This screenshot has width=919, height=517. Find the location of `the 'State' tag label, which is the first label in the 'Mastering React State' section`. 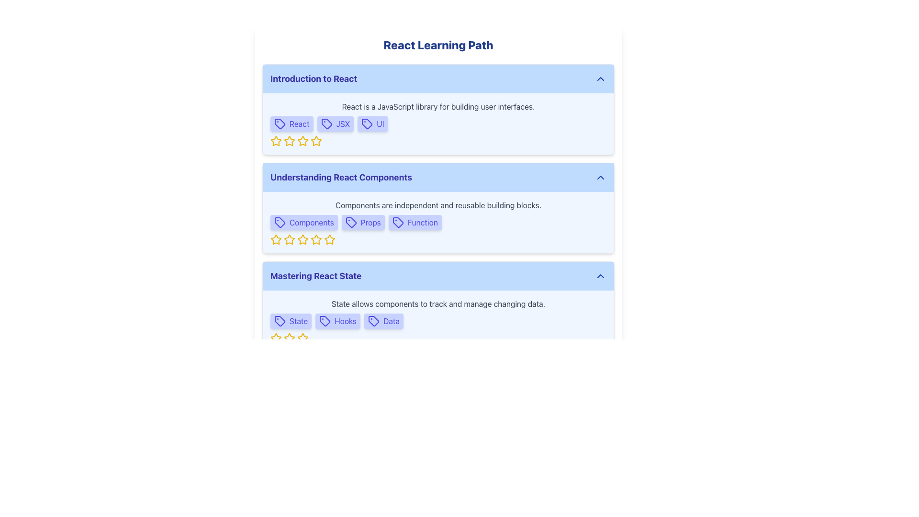

the 'State' tag label, which is the first label in the 'Mastering React State' section is located at coordinates (291, 321).